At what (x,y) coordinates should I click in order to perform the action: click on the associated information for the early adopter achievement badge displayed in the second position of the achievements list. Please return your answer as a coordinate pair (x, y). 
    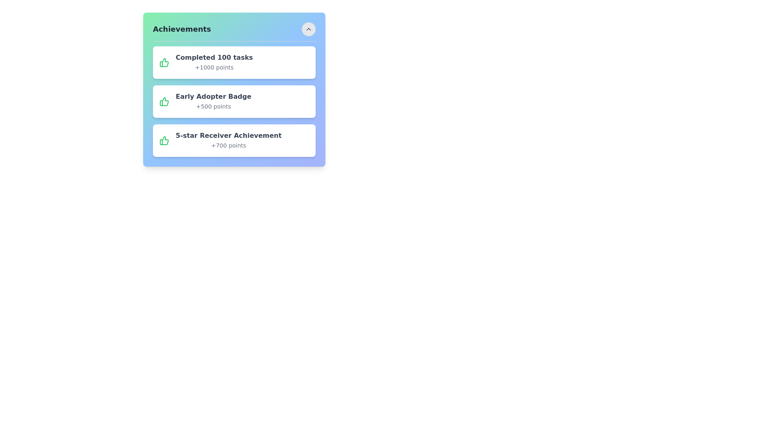
    Looking at the image, I should click on (234, 101).